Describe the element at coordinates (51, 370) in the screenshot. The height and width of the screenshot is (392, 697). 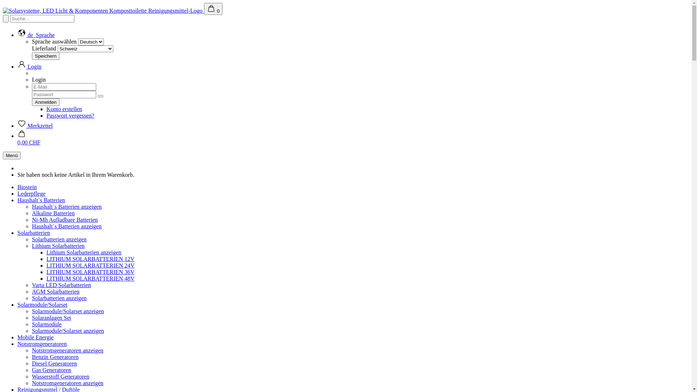
I see `'Gas Generatoren'` at that location.